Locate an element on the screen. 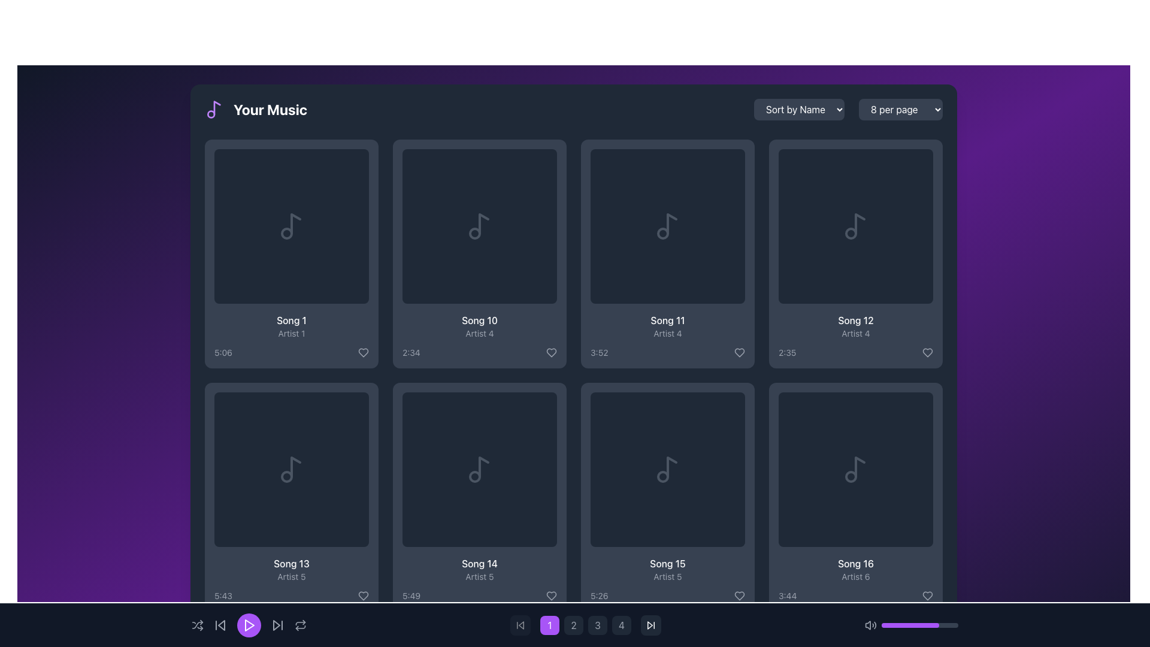  the music icon representing 'Song 12' by 'Artist 4' in the grid interface is located at coordinates (855, 226).